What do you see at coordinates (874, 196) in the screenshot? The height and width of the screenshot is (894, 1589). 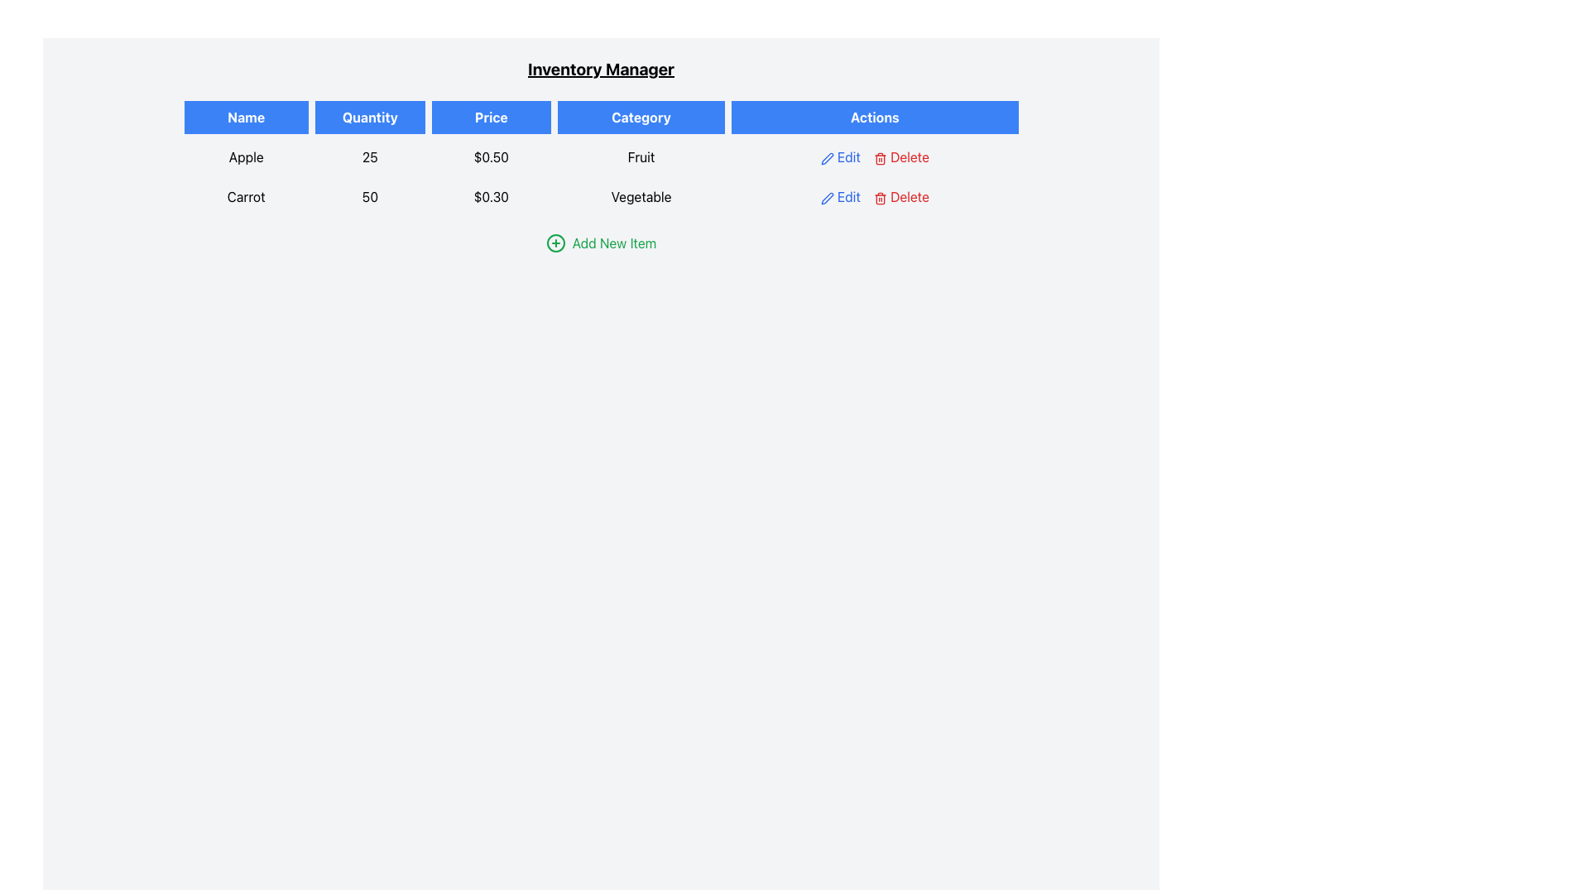 I see `the action menu in the Control Panel located in the last column of the second row of the table under the 'Actions' header for the 'Carrot' entry to visualize hover effects` at bounding box center [874, 196].